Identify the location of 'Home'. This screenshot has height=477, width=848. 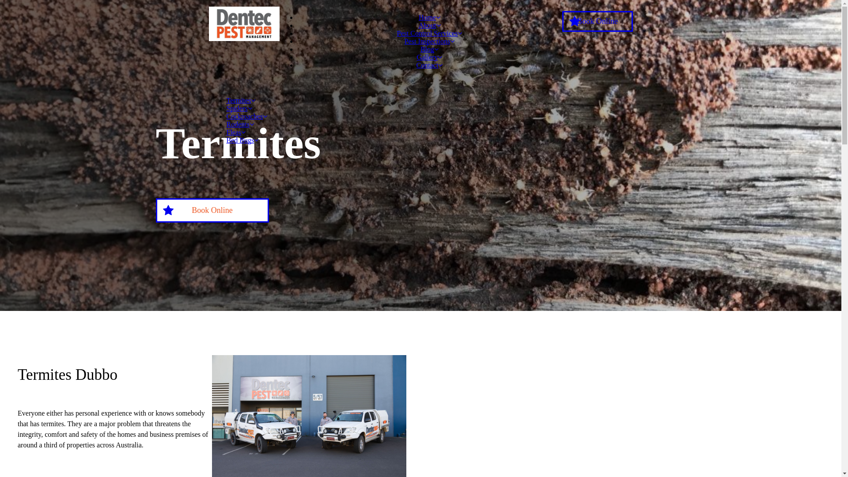
(429, 17).